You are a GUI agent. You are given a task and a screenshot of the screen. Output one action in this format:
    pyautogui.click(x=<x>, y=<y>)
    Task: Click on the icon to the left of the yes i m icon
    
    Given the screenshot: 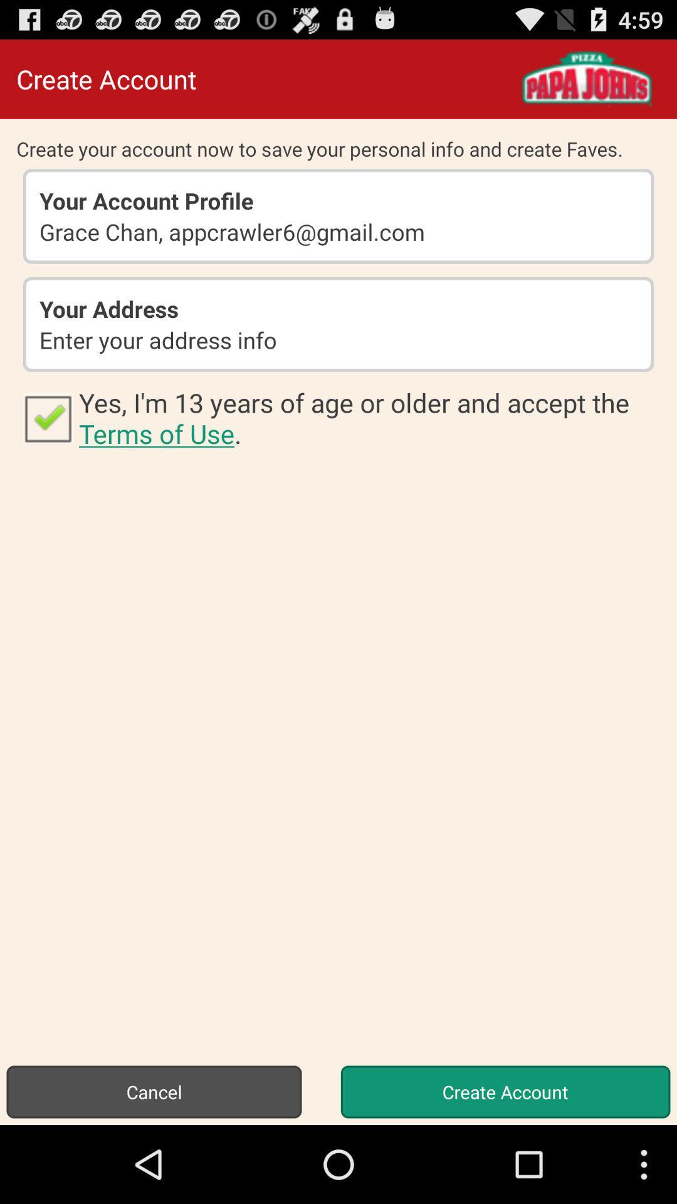 What is the action you would take?
    pyautogui.click(x=47, y=418)
    